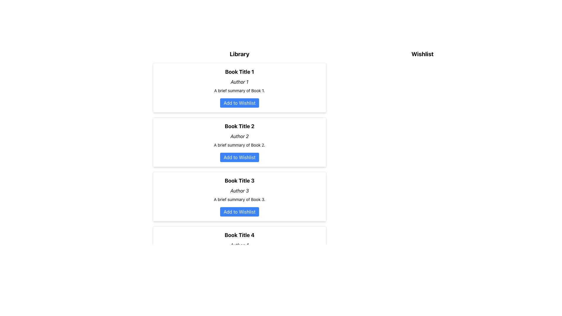  I want to click on the text label displaying 'Author 2', which is styled in italic and positioned below 'Book Title 2', so click(239, 136).